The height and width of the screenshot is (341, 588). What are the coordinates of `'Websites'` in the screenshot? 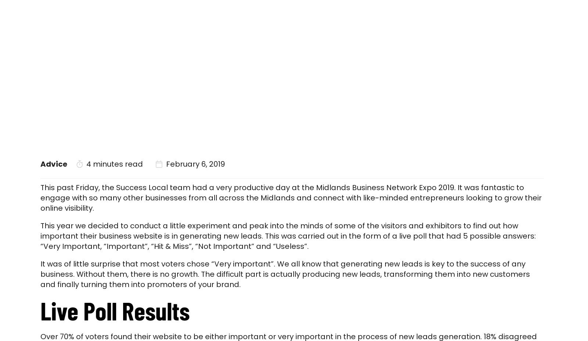 It's located at (392, 19).